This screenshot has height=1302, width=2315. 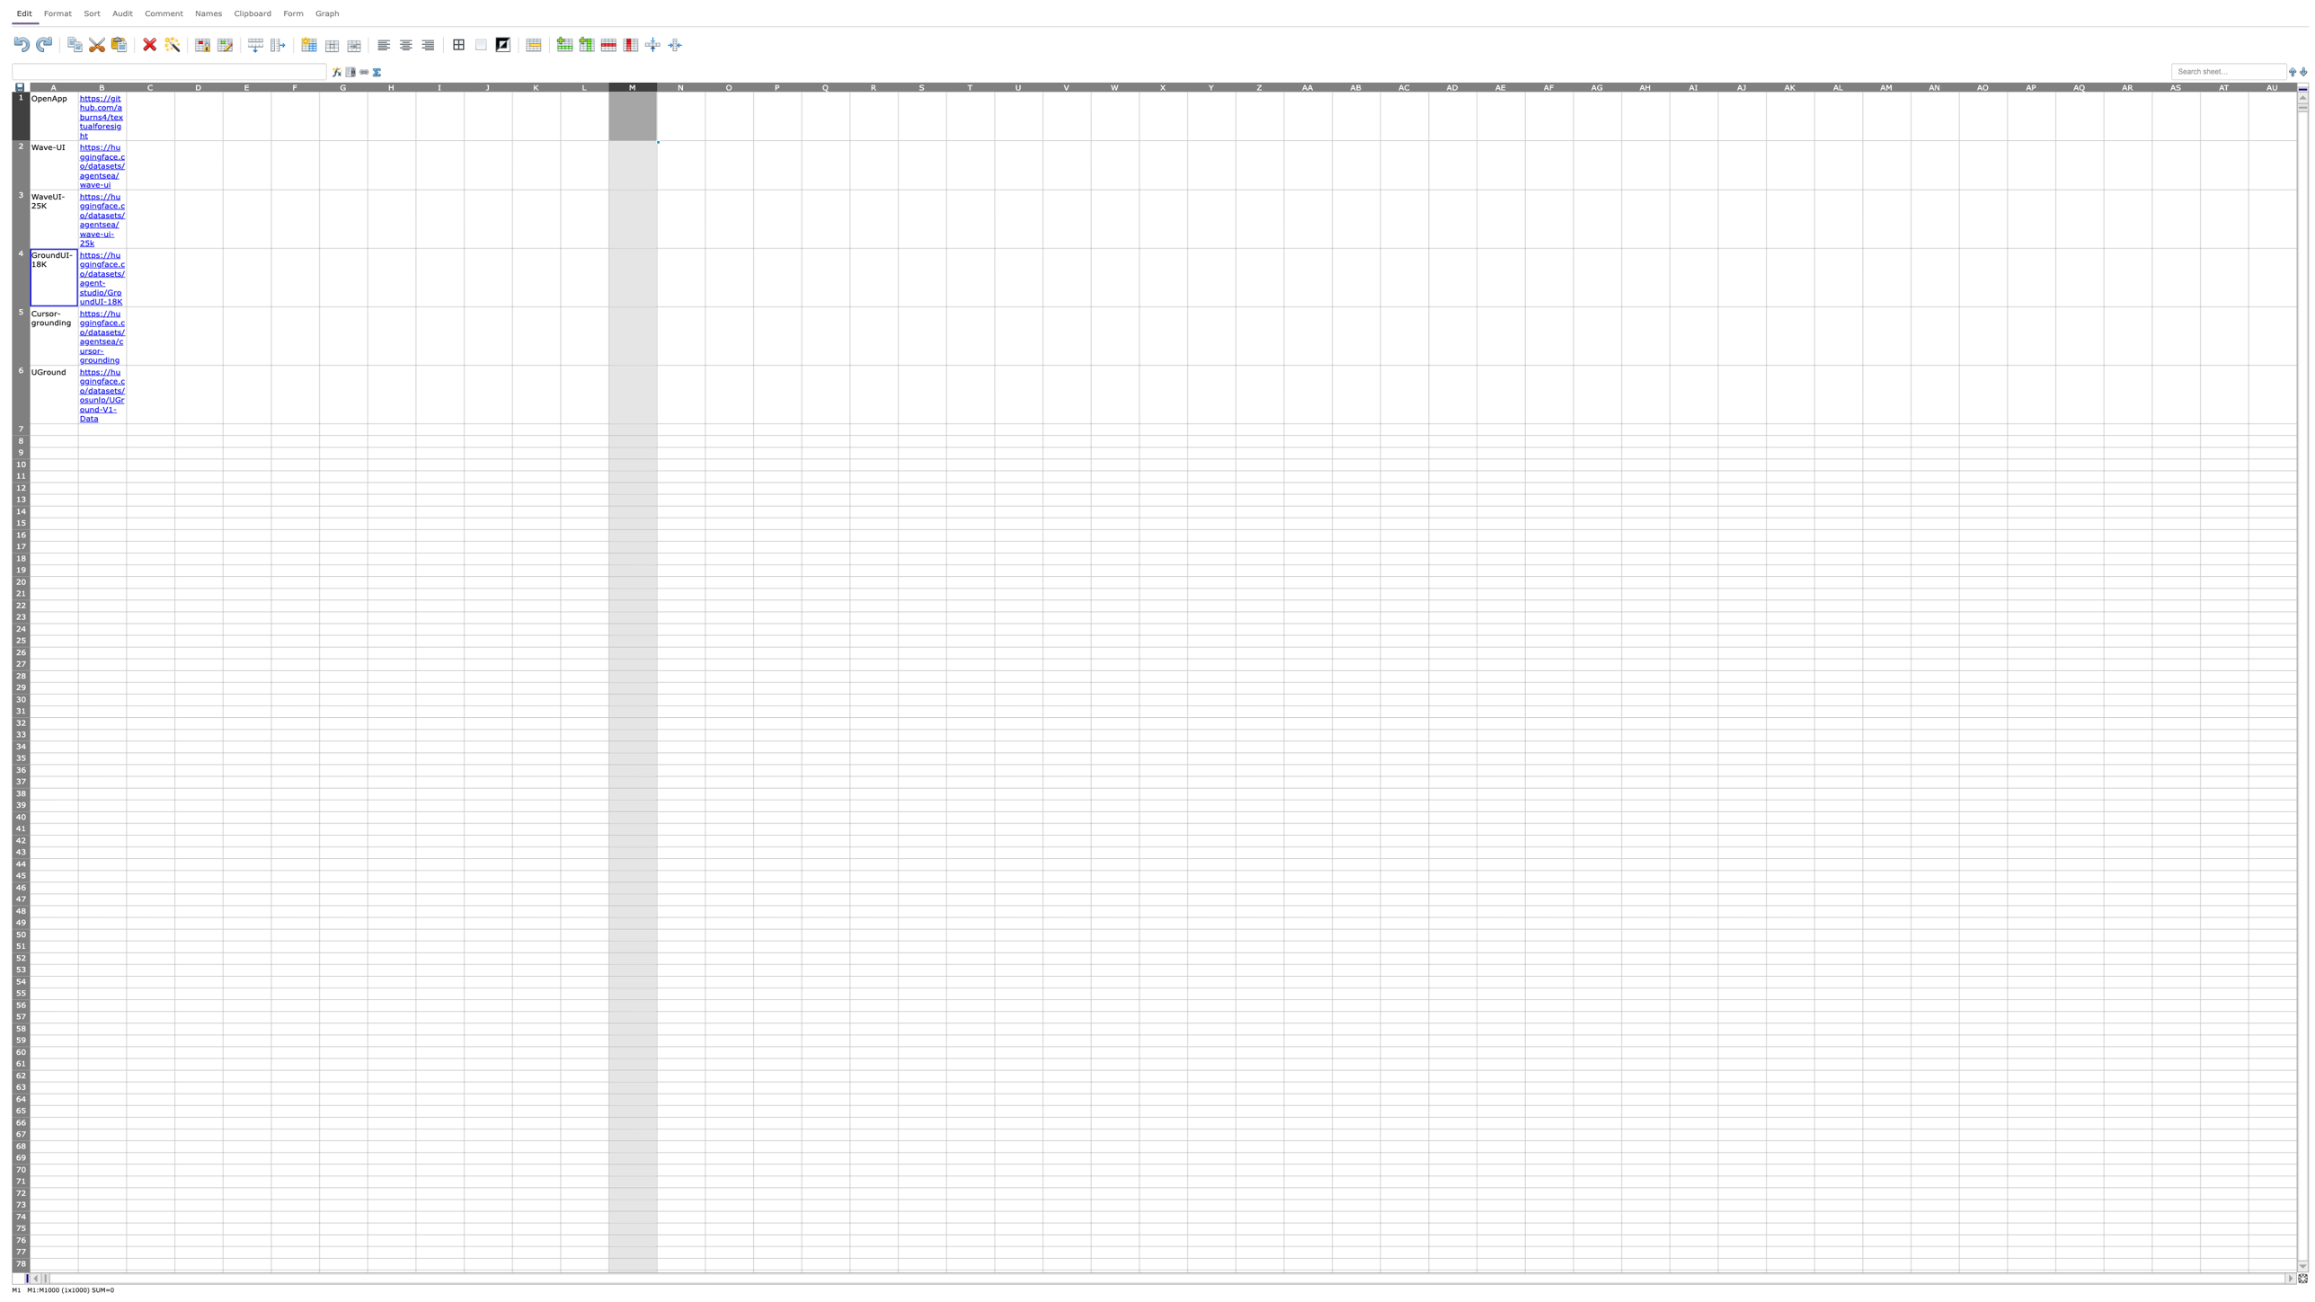 I want to click on column N, so click(x=680, y=85).